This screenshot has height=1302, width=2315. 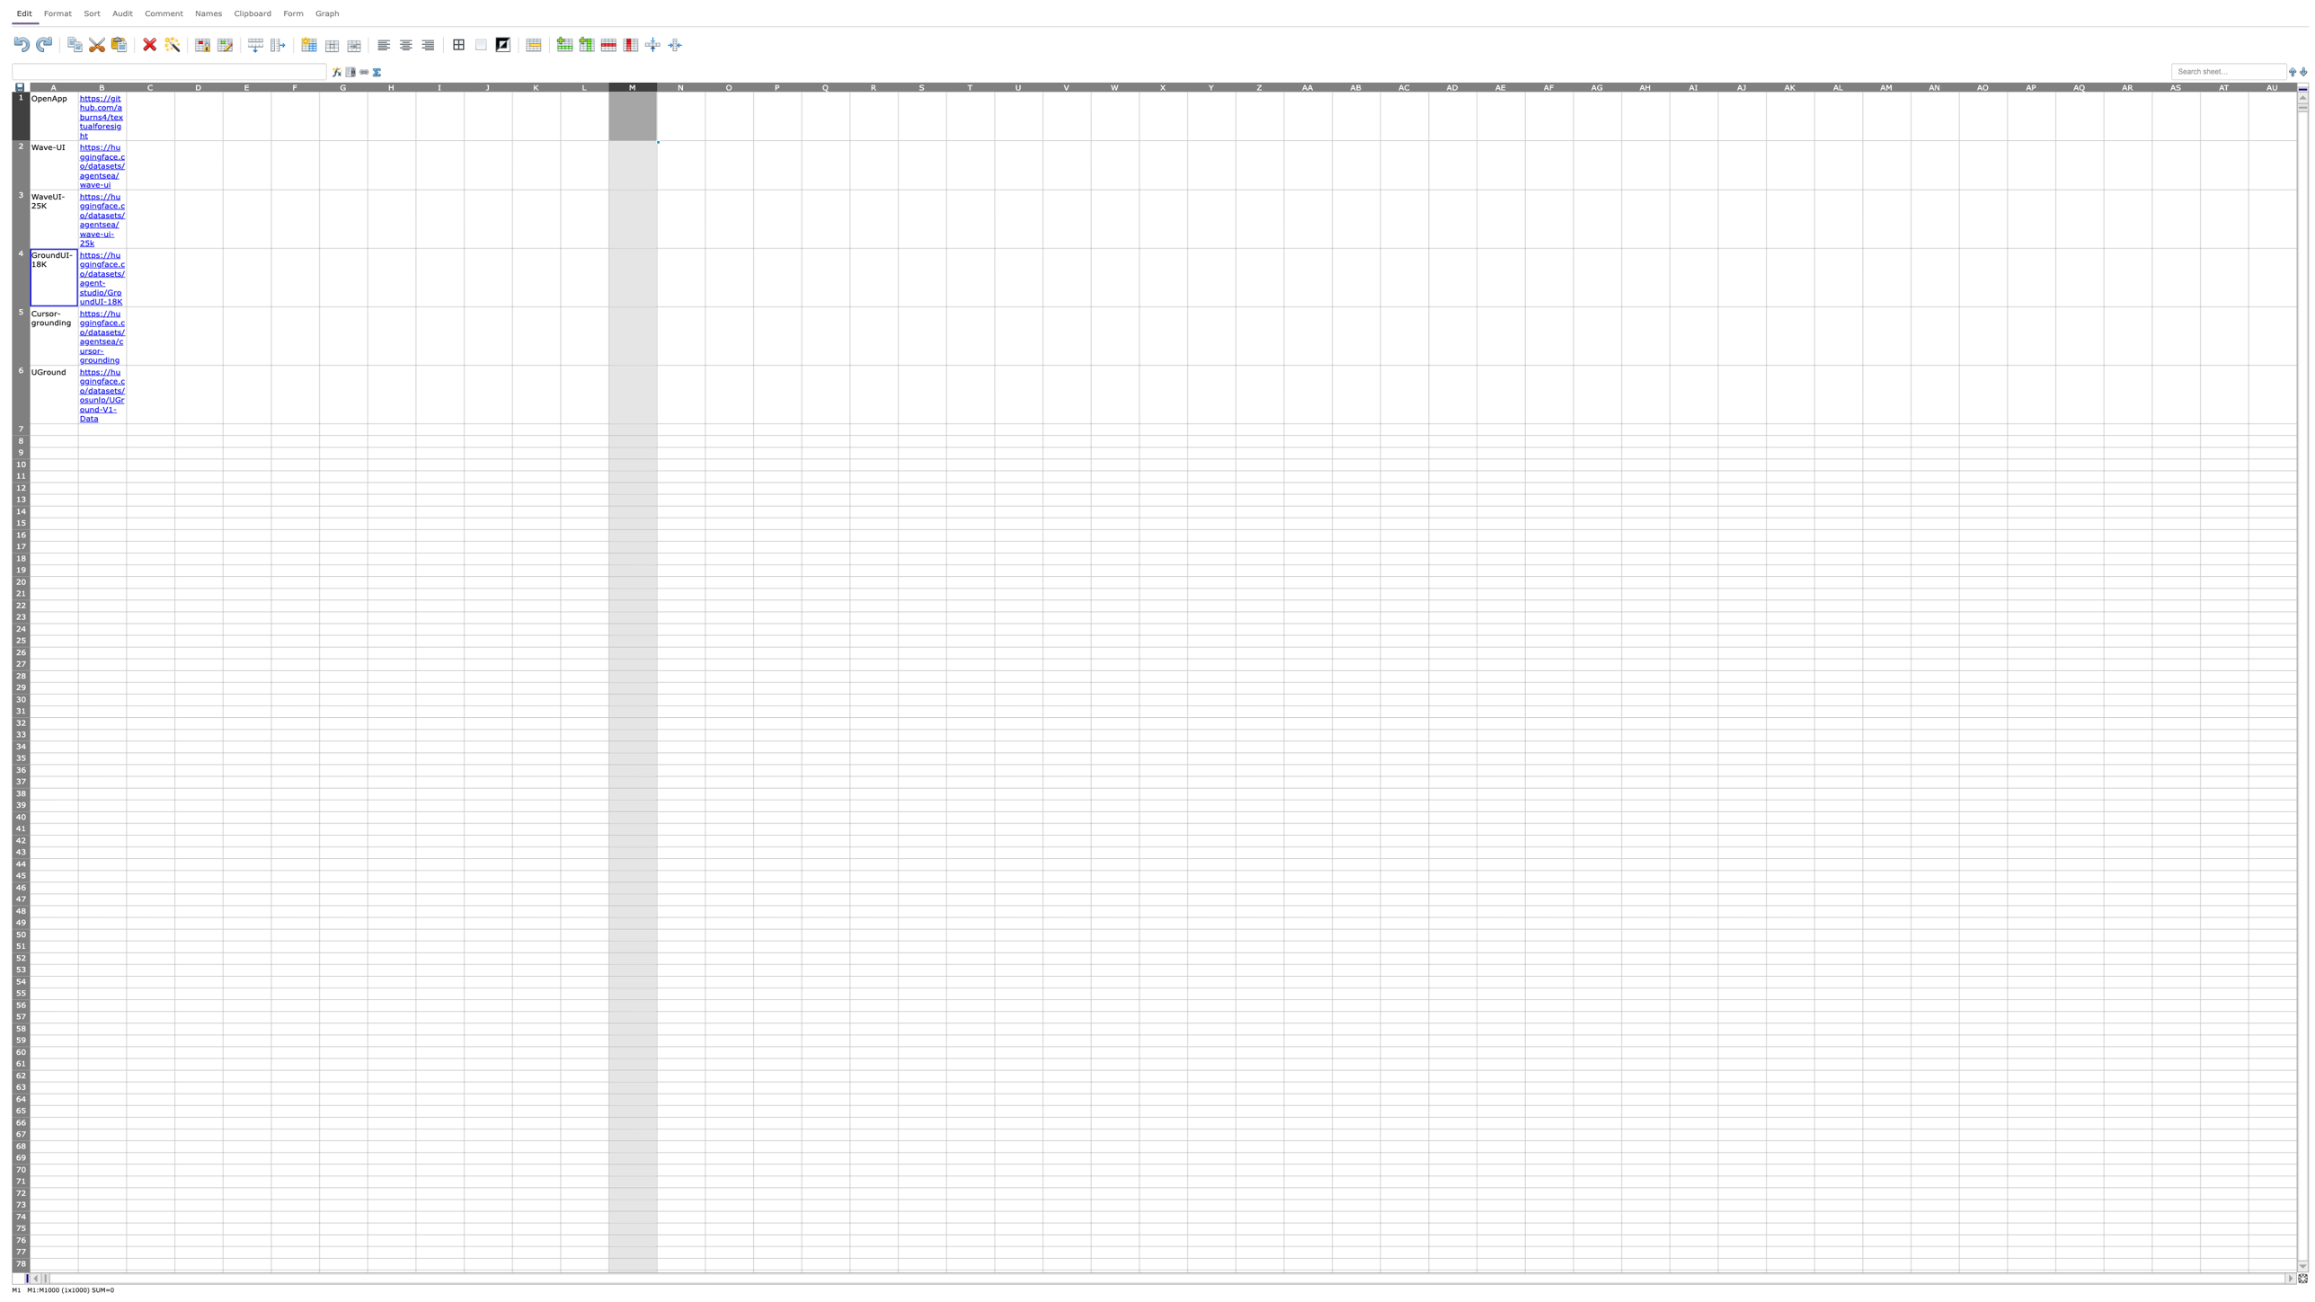 I want to click on column N, so click(x=680, y=85).